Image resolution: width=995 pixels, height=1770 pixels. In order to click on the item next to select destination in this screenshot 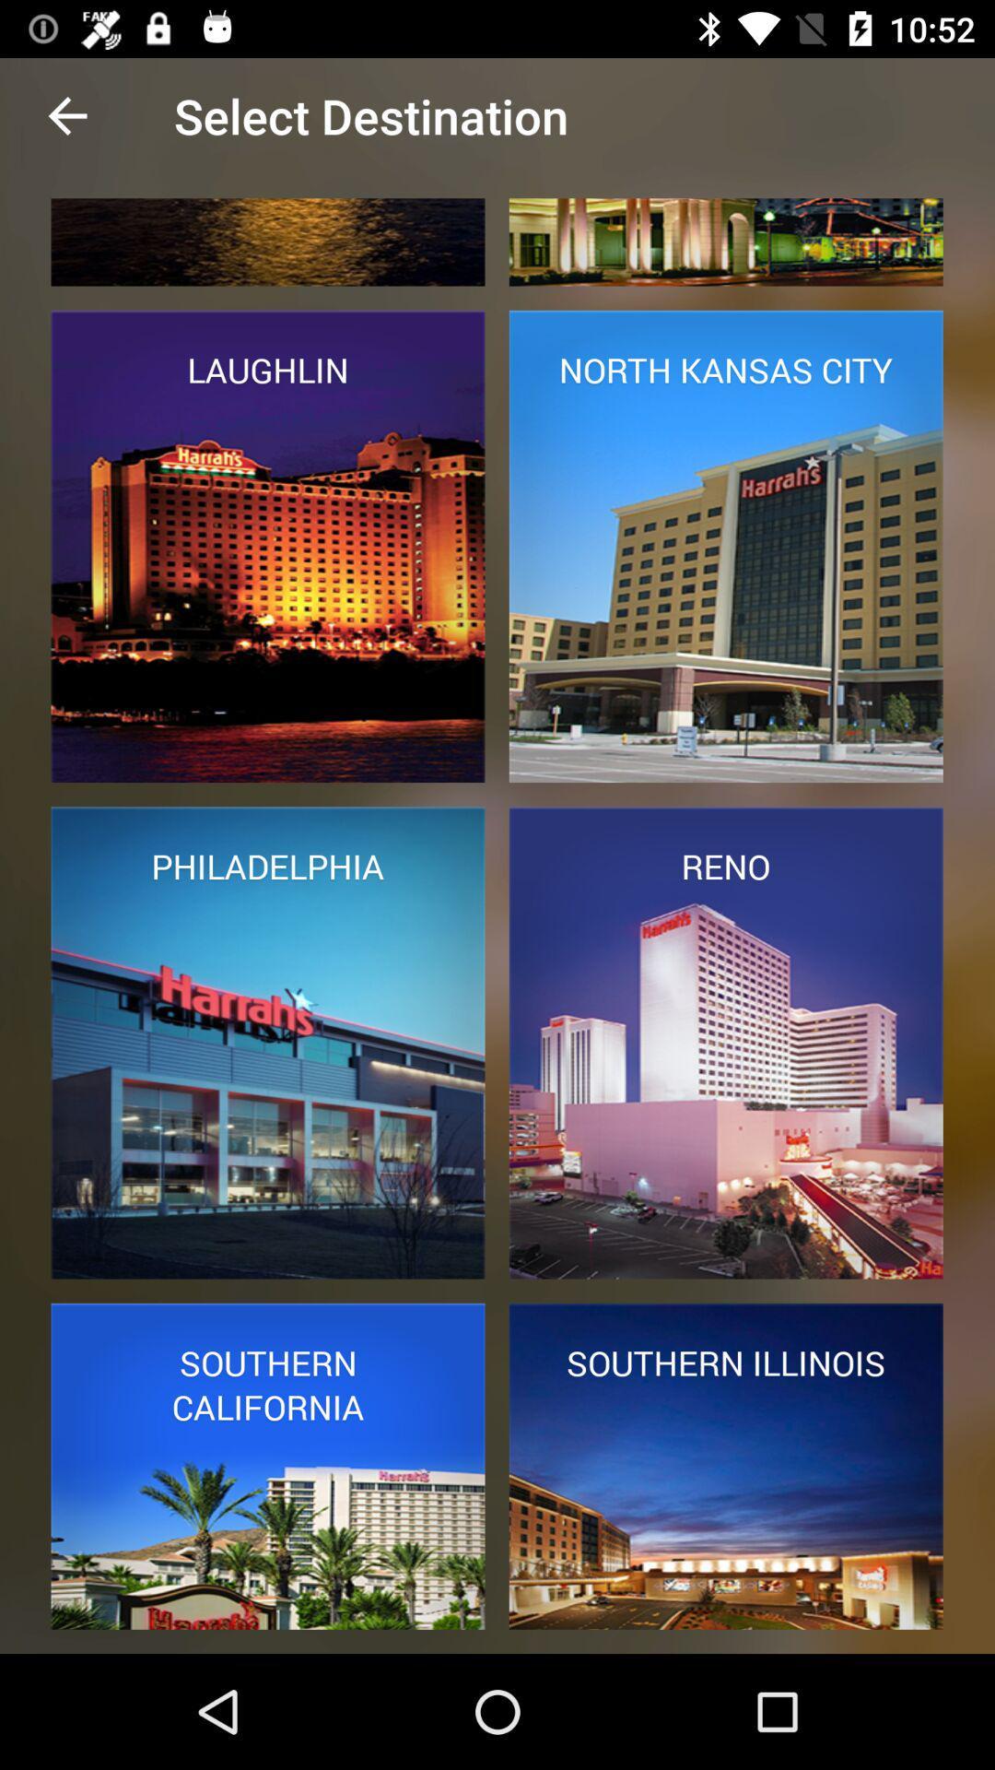, I will do `click(66, 114)`.